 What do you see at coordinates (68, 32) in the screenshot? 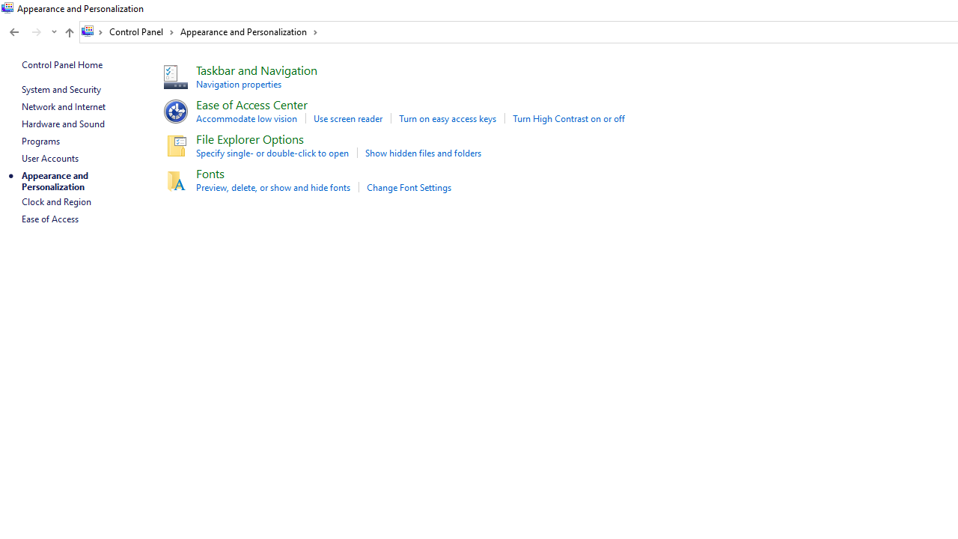
I see `'Up to "Control Panel" (Alt + Up Arrow)'` at bounding box center [68, 32].